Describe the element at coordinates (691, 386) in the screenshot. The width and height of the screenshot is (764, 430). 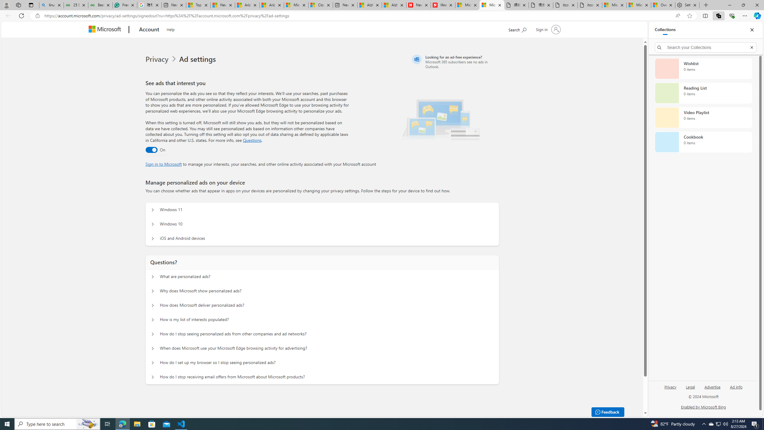
I see `'Legal'` at that location.